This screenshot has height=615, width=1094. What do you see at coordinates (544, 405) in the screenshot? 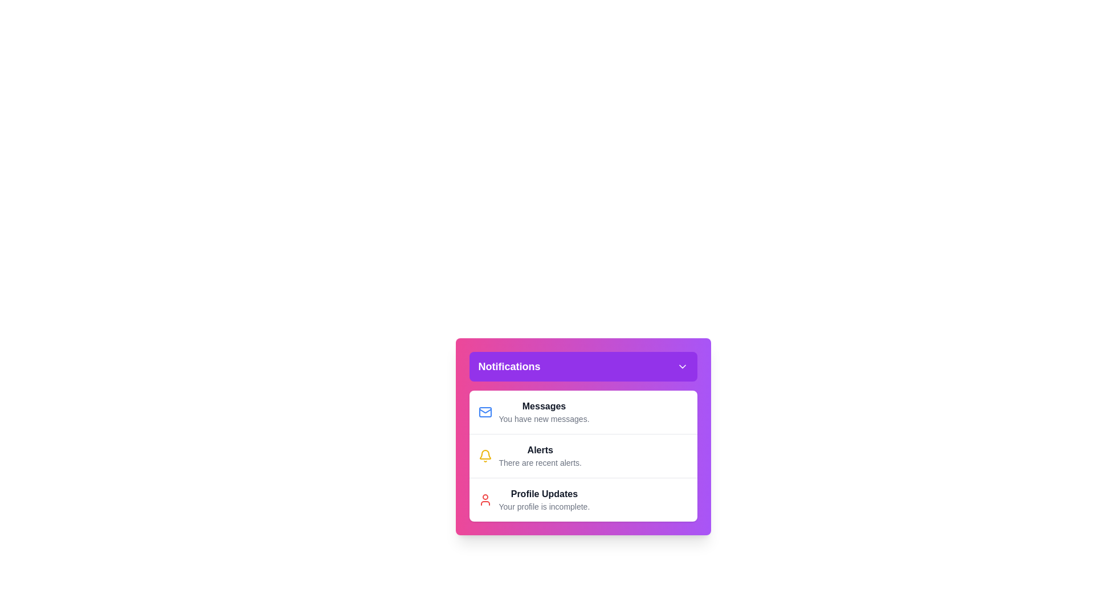
I see `the bold text label reading 'Messages' in the notification panel` at bounding box center [544, 405].